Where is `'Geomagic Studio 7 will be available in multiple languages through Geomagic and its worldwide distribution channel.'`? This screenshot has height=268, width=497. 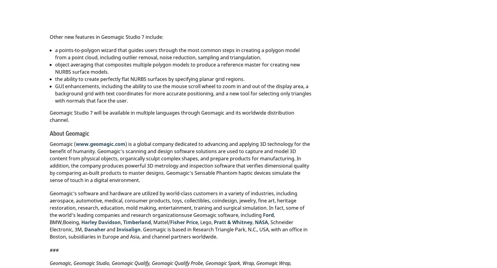
'Geomagic Studio 7 will be available in multiple languages through Geomagic and its worldwide distribution channel.' is located at coordinates (50, 116).